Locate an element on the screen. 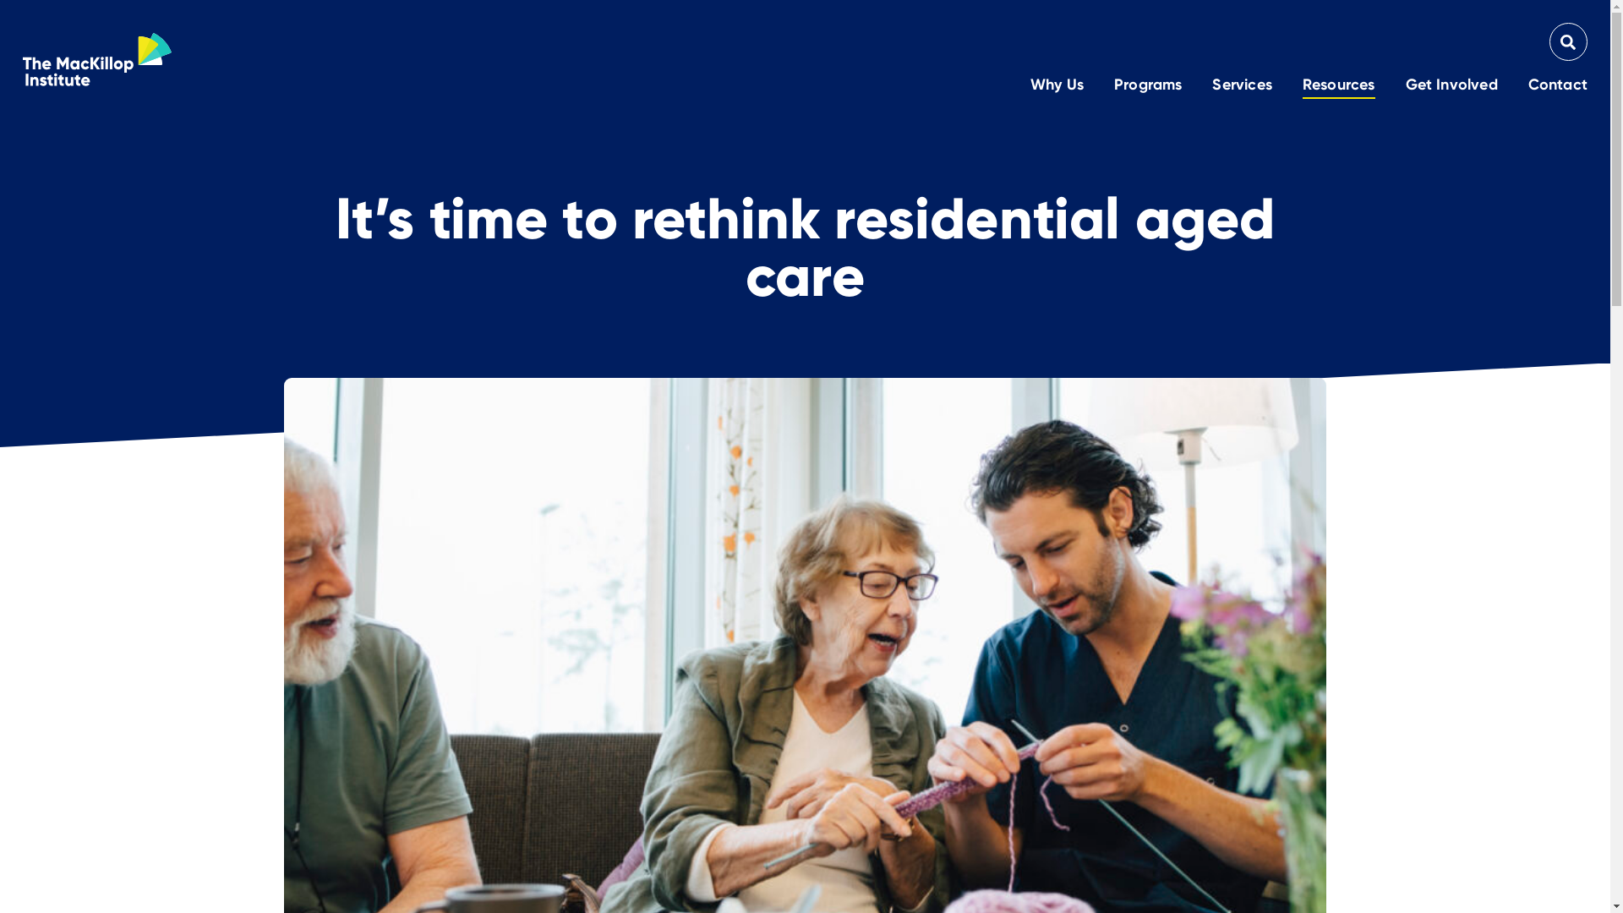 This screenshot has width=1623, height=913. 'Get Involved' is located at coordinates (1405, 85).